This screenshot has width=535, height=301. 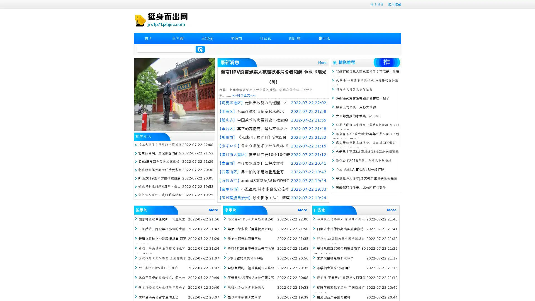 What do you see at coordinates (200, 49) in the screenshot?
I see `Search` at bounding box center [200, 49].